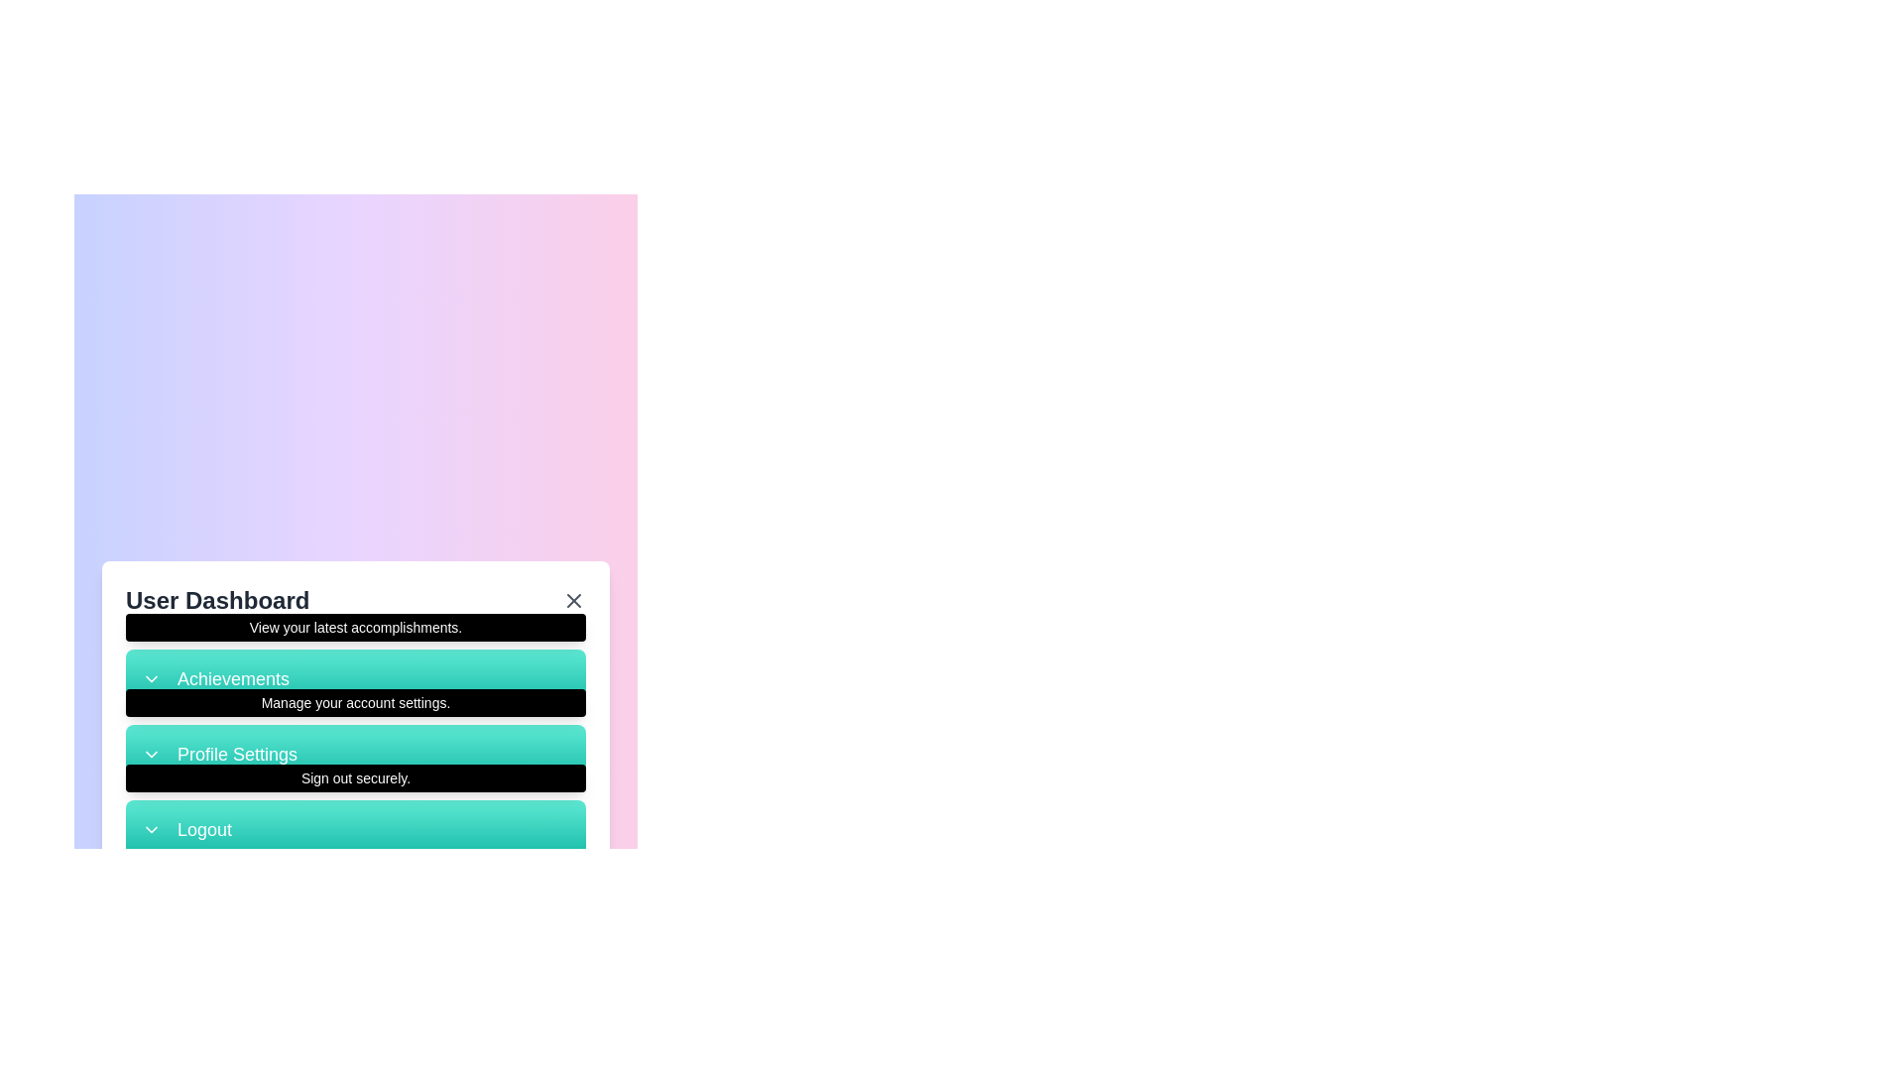  I want to click on the 'Logout' text label, which is displayed in white bold font within a greenish-cyan rectangular area at the bottom of the vertical list menu, so click(204, 829).